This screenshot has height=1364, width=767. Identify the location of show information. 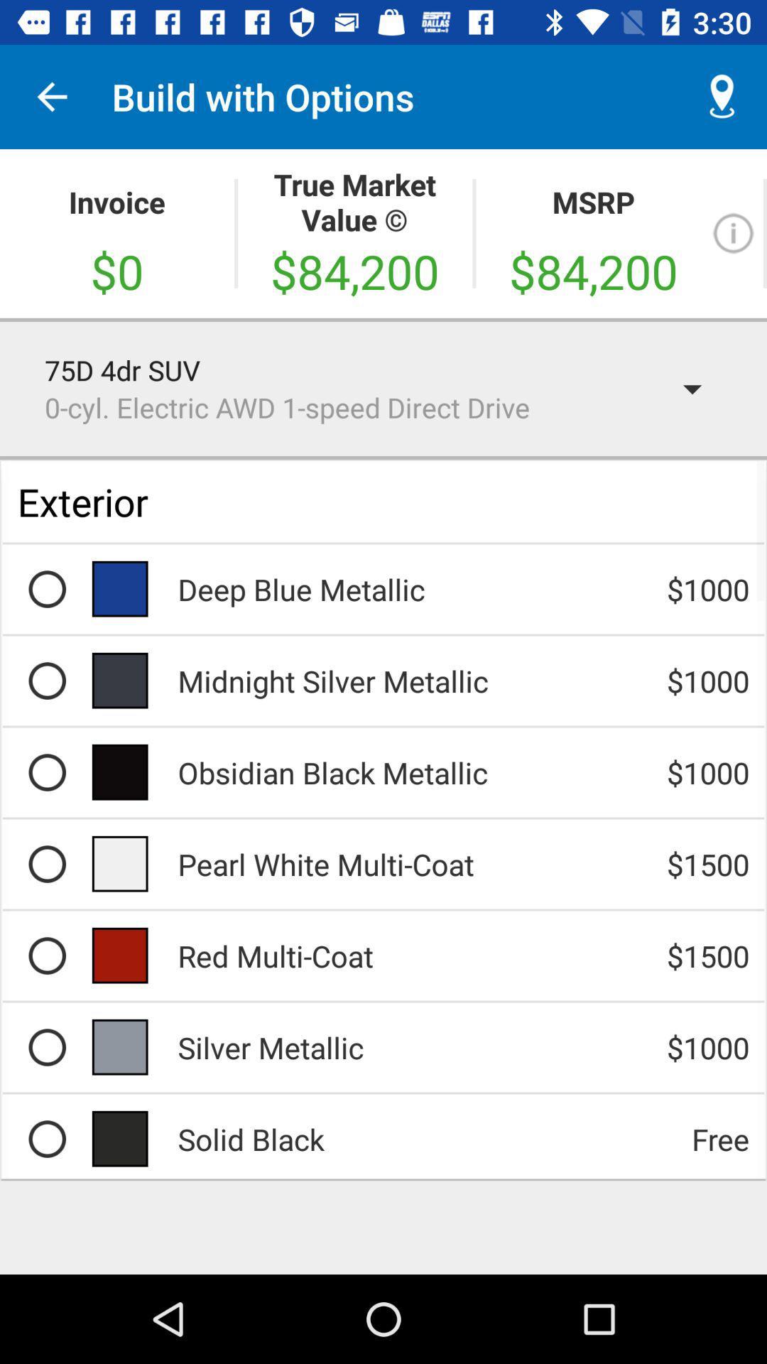
(733, 233).